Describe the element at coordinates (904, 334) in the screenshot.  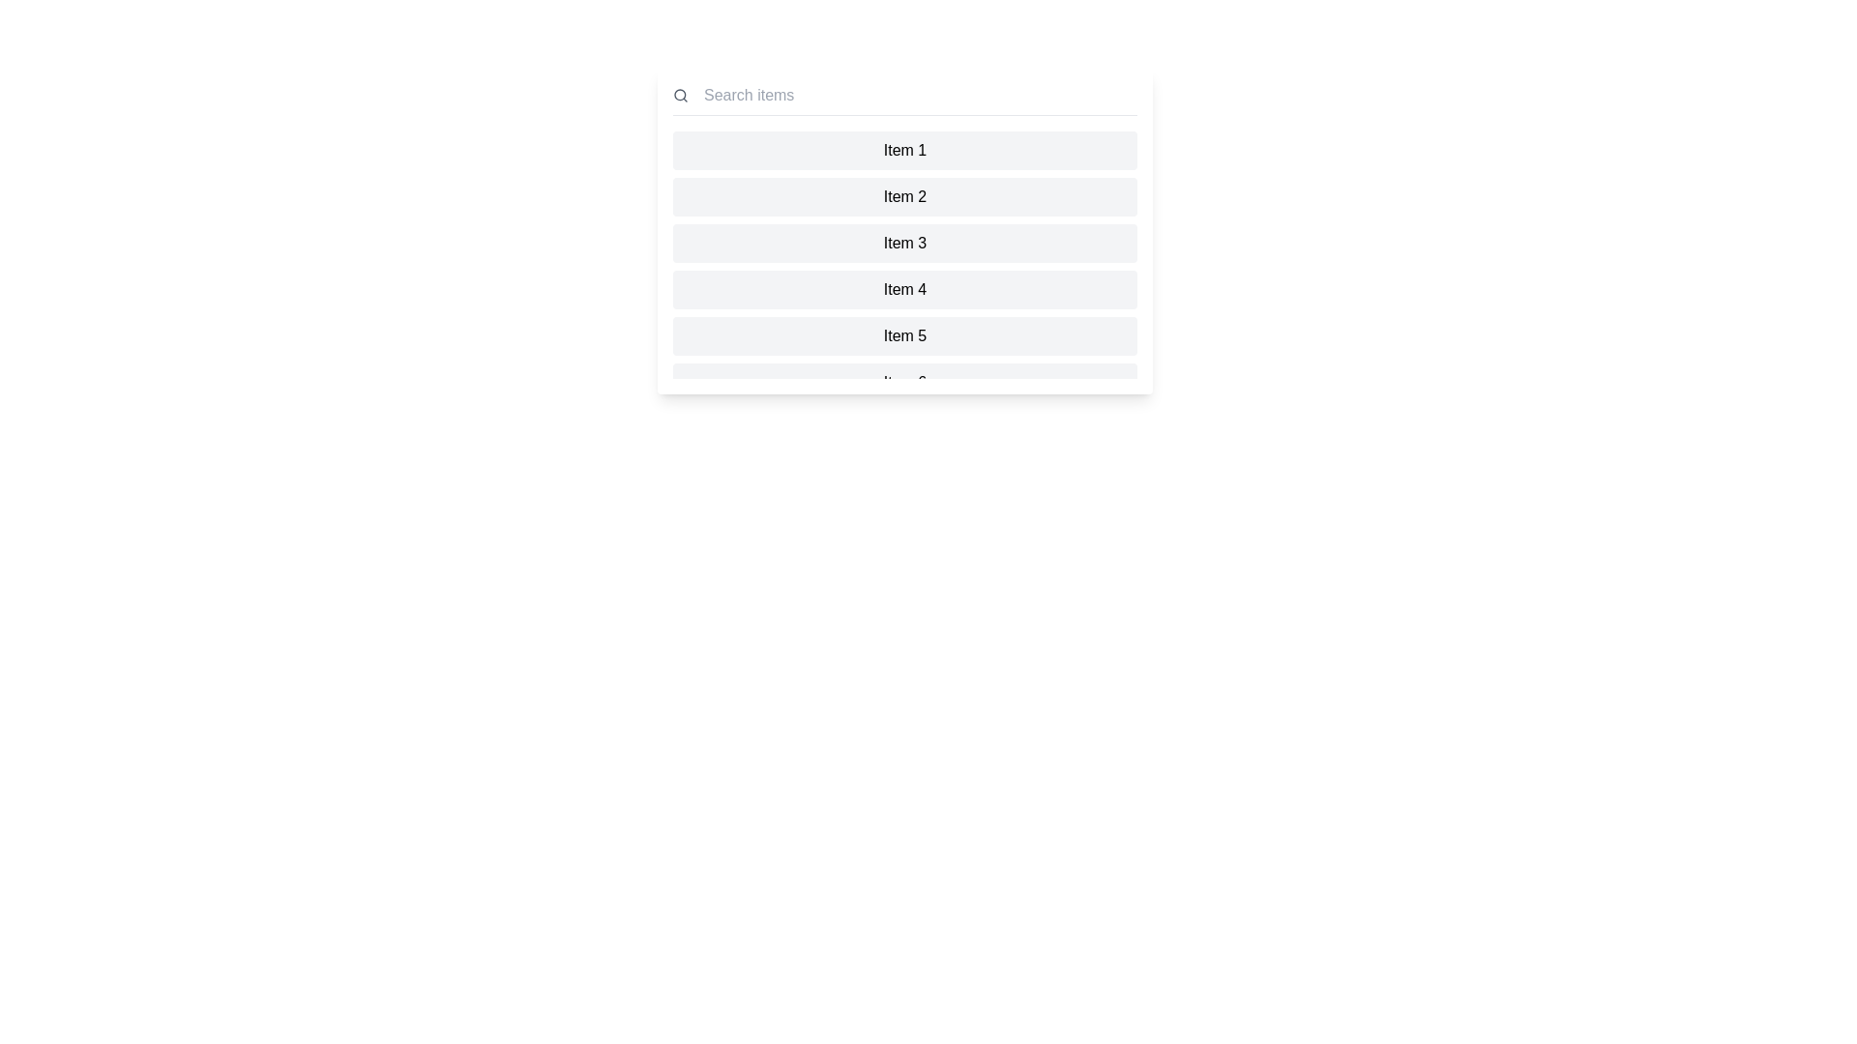
I see `the item 5 to highlight it` at that location.